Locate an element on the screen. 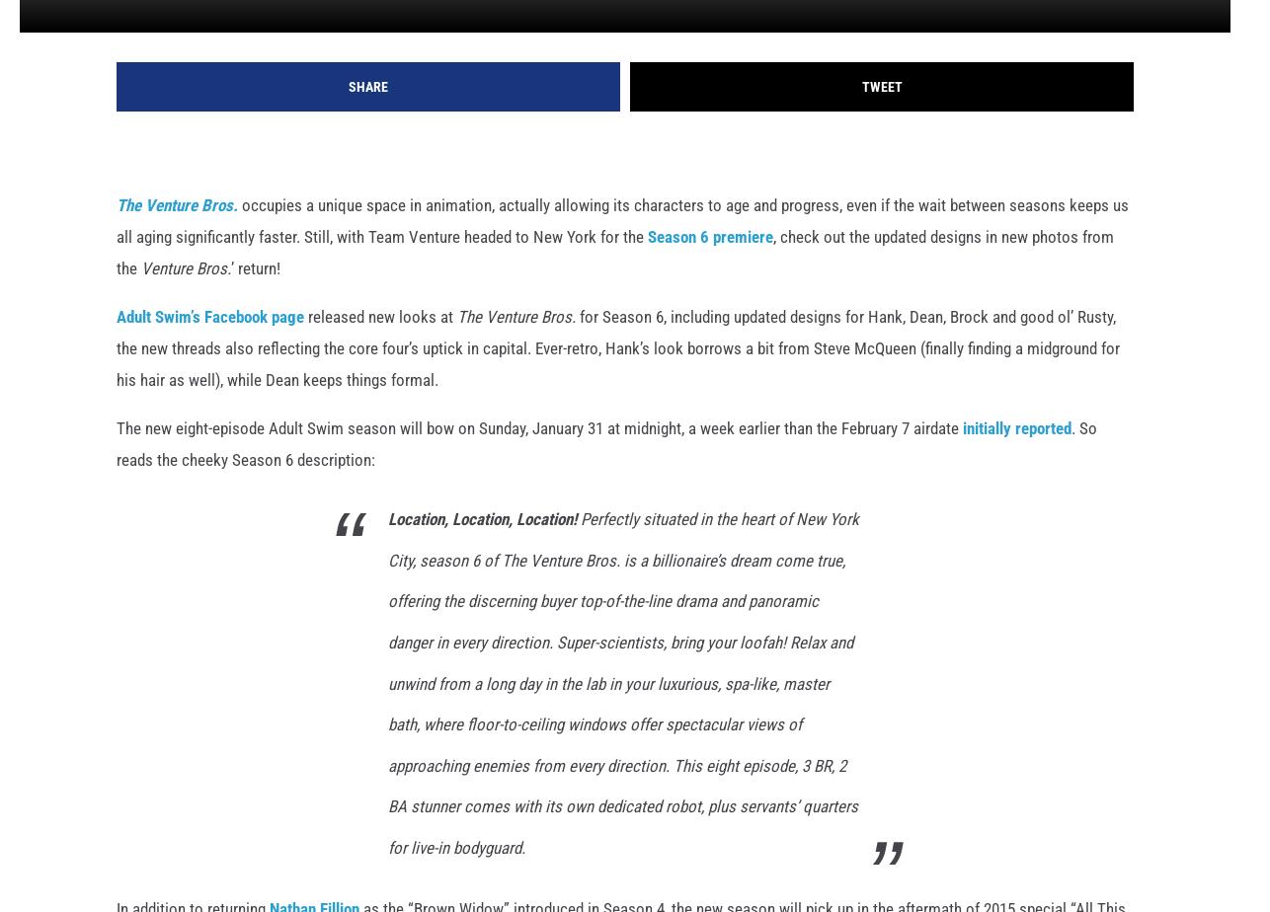 The width and height of the screenshot is (1270, 912). 'Season 6 premiere' is located at coordinates (710, 268).